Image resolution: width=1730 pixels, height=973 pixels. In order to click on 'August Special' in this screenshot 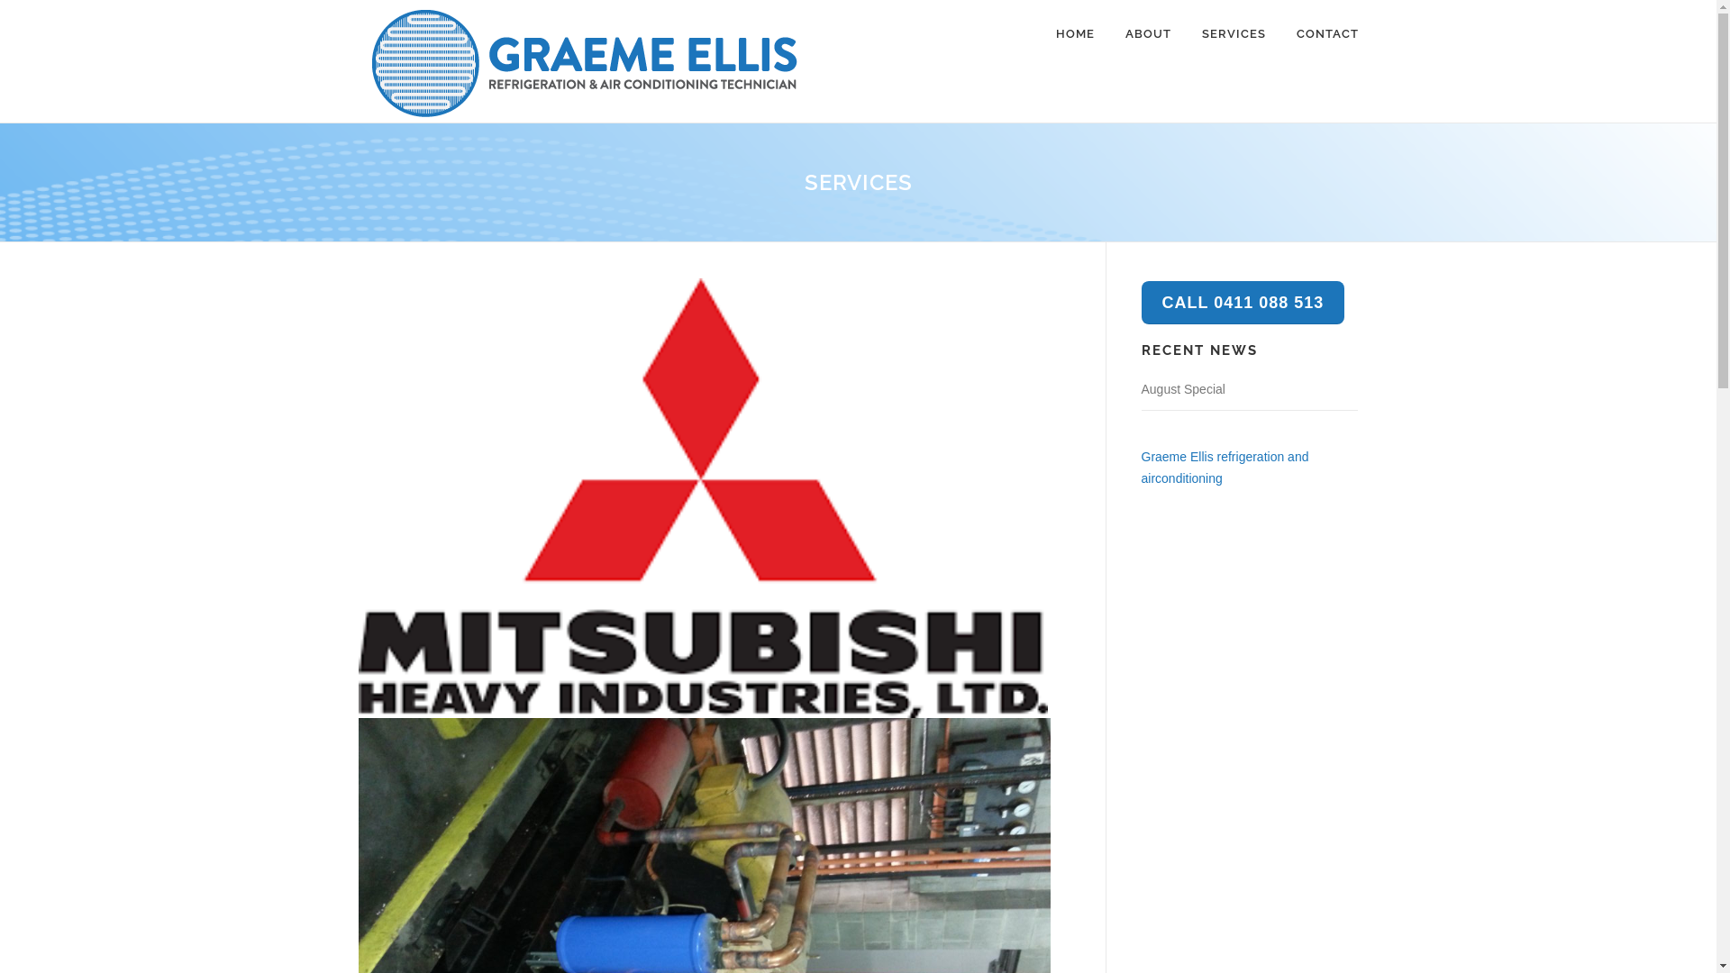, I will do `click(1182, 388)`.